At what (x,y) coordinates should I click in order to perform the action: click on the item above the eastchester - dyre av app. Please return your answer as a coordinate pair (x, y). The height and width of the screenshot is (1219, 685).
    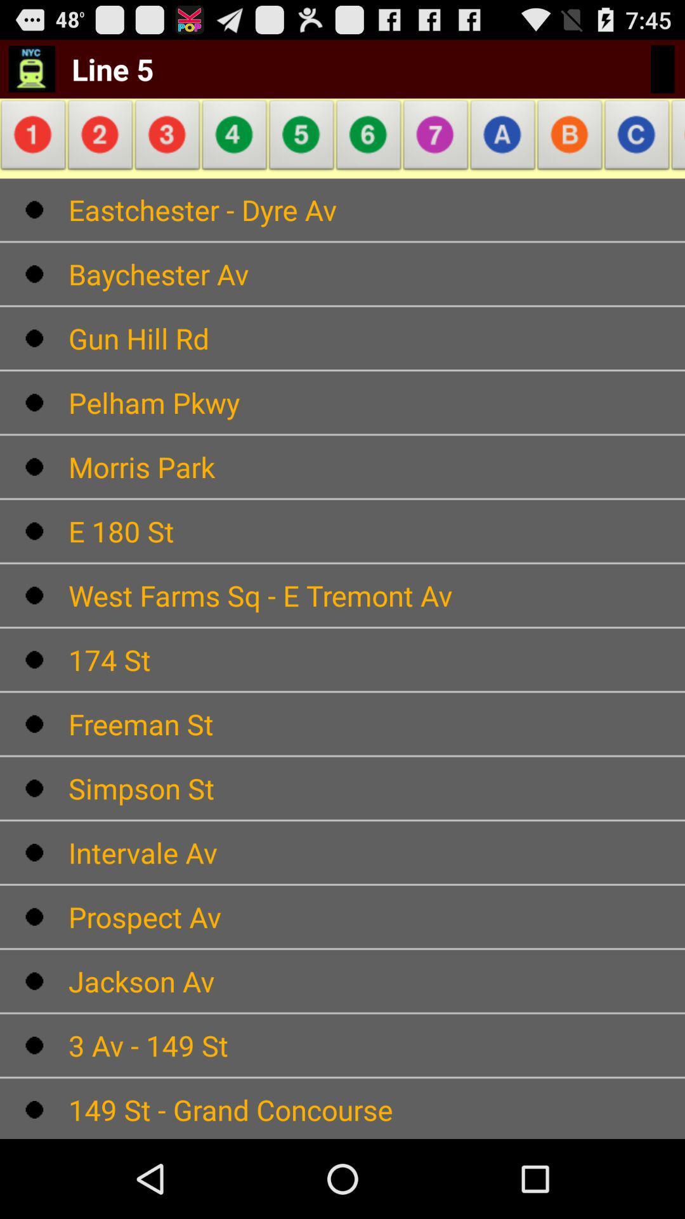
    Looking at the image, I should click on (35, 138).